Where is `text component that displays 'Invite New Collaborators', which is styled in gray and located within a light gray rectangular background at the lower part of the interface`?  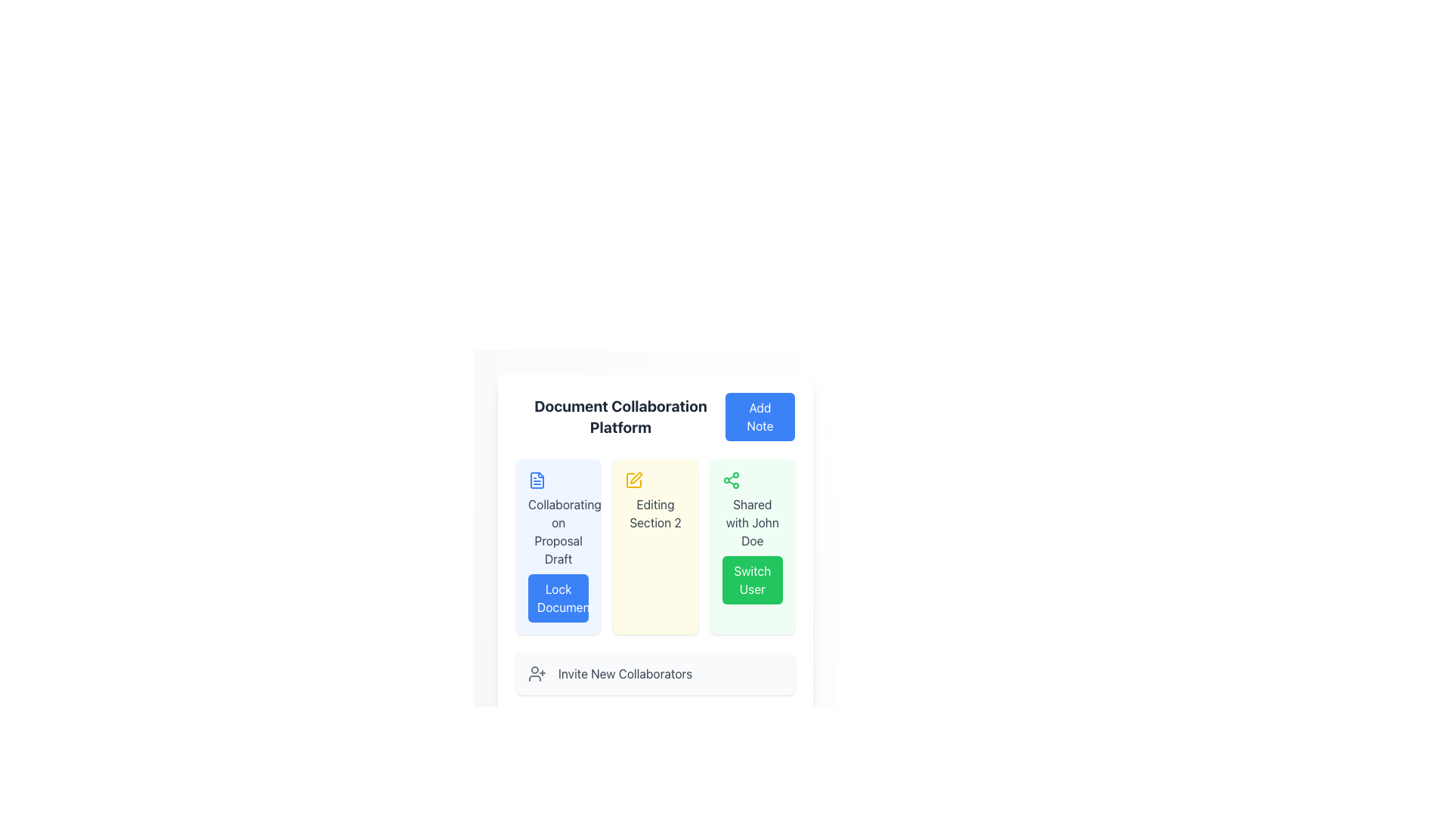 text component that displays 'Invite New Collaborators', which is styled in gray and located within a light gray rectangular background at the lower part of the interface is located at coordinates (625, 672).